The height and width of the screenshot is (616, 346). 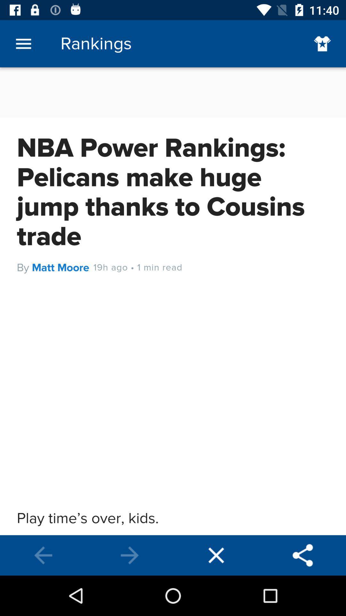 I want to click on page, so click(x=216, y=555).